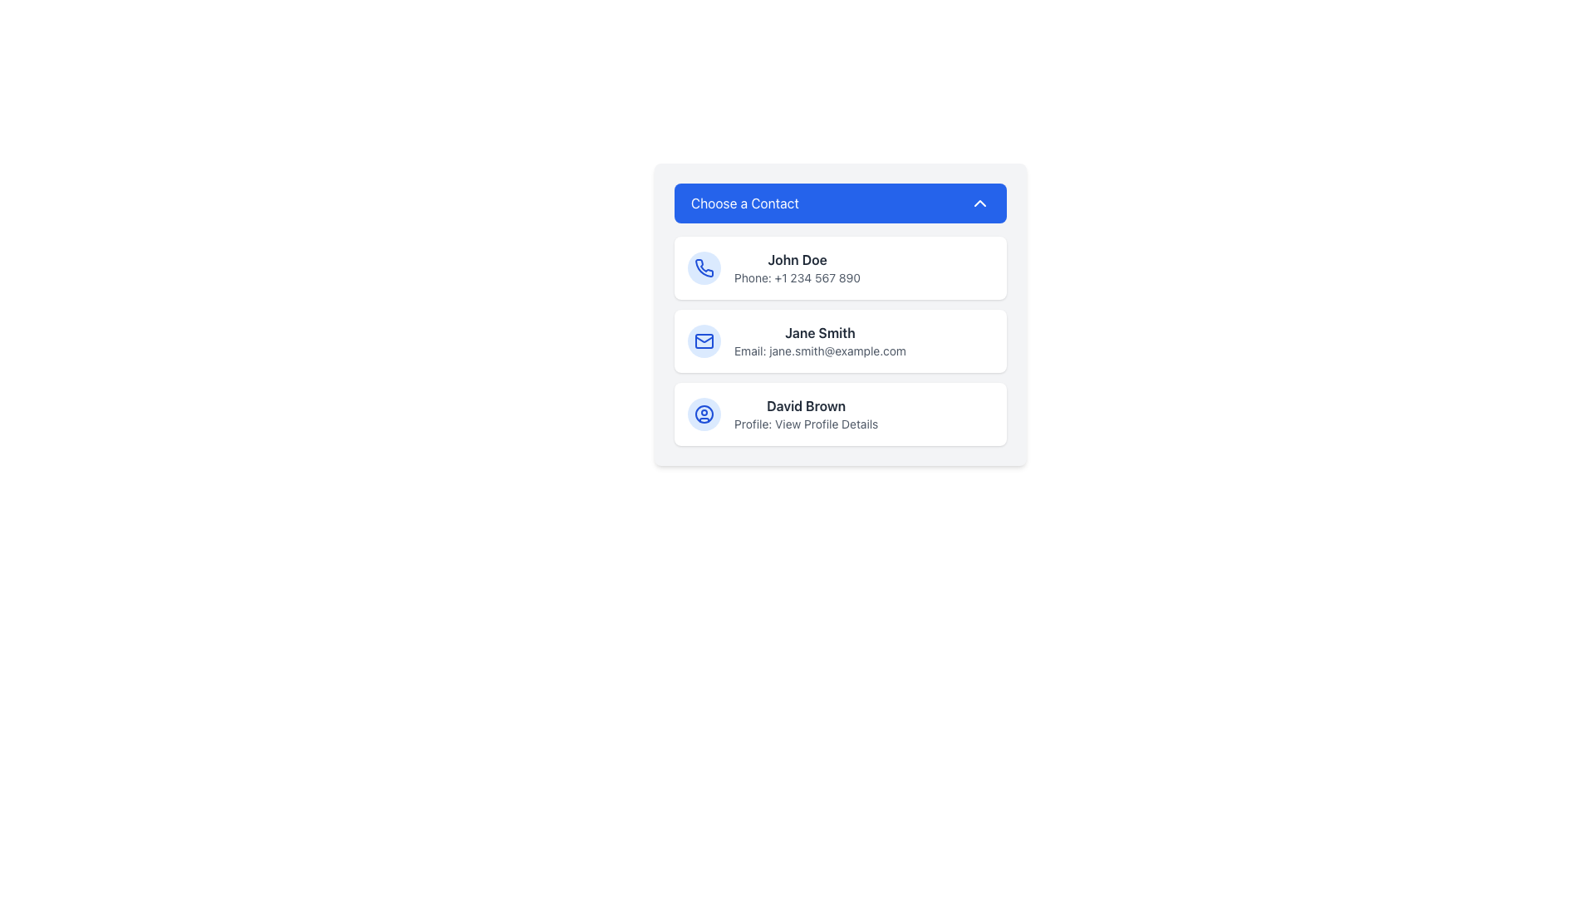 This screenshot has width=1595, height=897. I want to click on the phone contact icon located to the left of 'John Doe' and 'Phone: +1 234 567 890' in the first contact card, so click(704, 267).